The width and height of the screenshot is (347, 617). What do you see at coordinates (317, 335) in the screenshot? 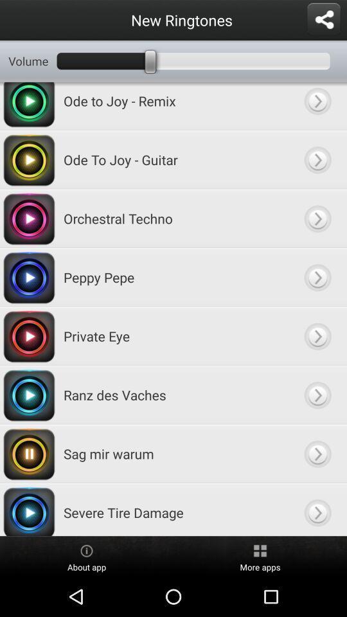
I see `next` at bounding box center [317, 335].